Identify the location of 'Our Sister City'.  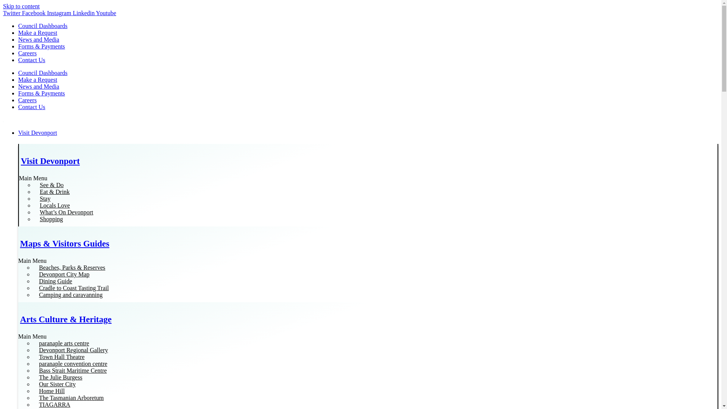
(33, 384).